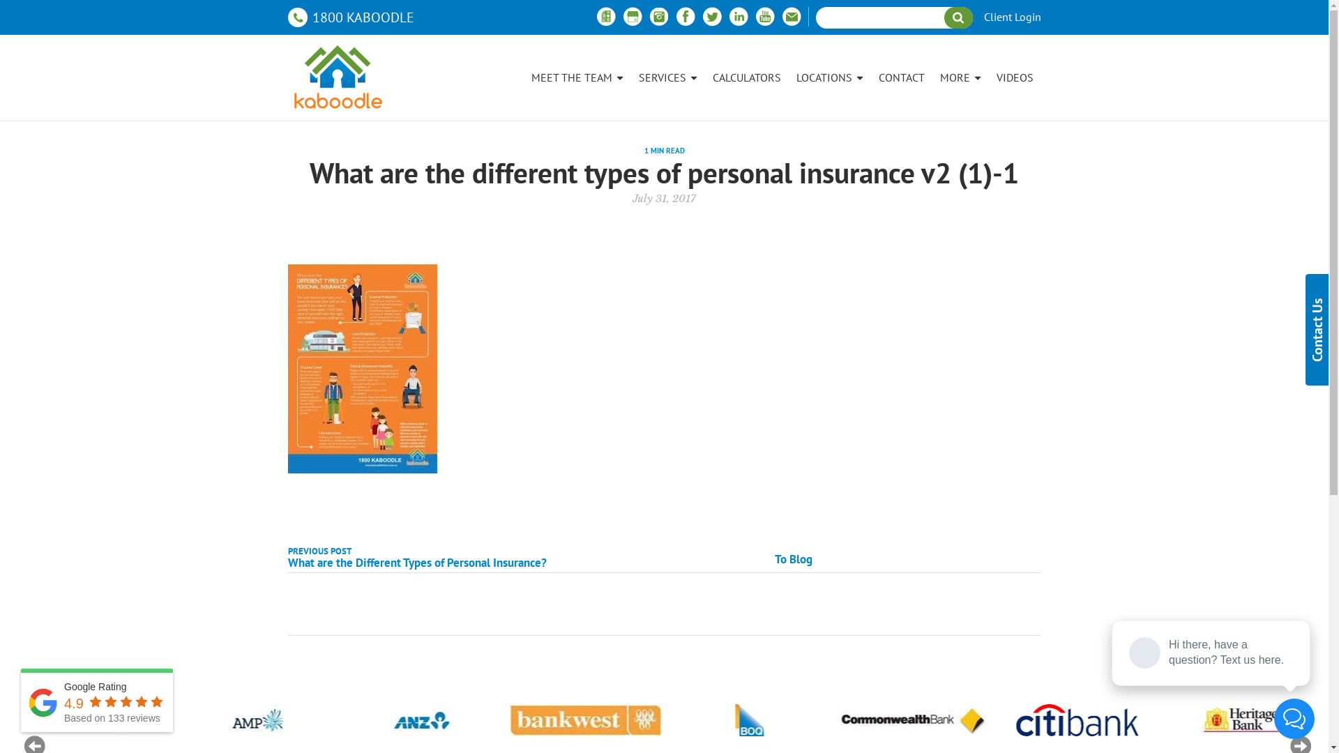 This screenshot has width=1339, height=753. Describe the element at coordinates (1015, 77) in the screenshot. I see `'VIDEOS'` at that location.